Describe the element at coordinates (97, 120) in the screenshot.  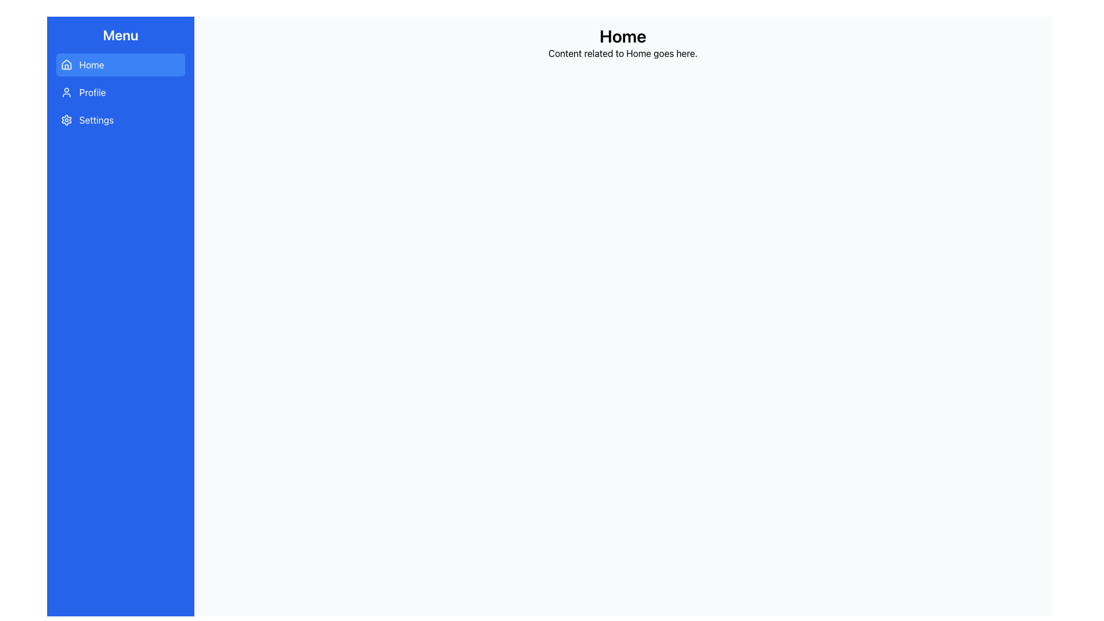
I see `the 'Settings' static text label in the vertical navigation menu` at that location.